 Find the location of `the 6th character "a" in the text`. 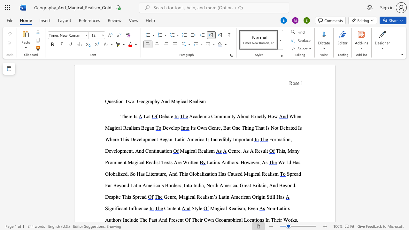

the 6th character "a" in the text is located at coordinates (281, 196).